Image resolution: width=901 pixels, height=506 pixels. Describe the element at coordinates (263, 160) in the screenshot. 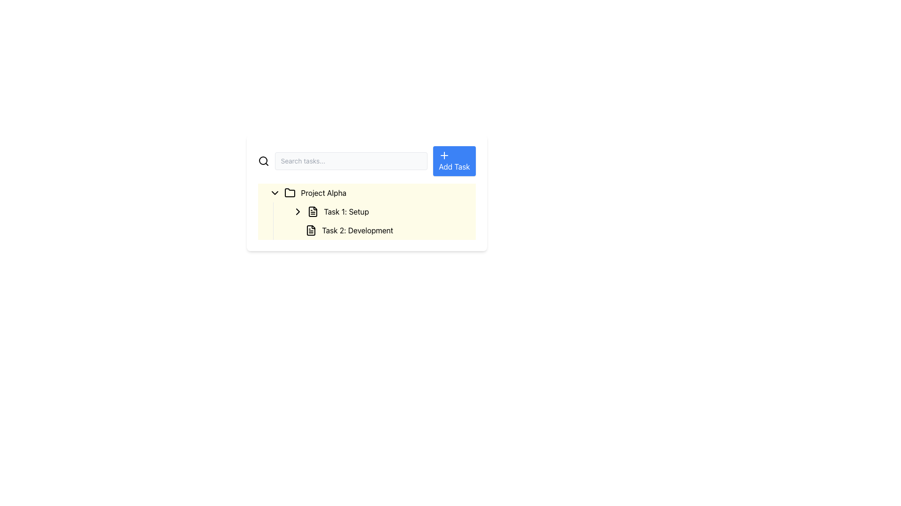

I see `the search function icon, which is the first element in the row next to the search input field` at that location.